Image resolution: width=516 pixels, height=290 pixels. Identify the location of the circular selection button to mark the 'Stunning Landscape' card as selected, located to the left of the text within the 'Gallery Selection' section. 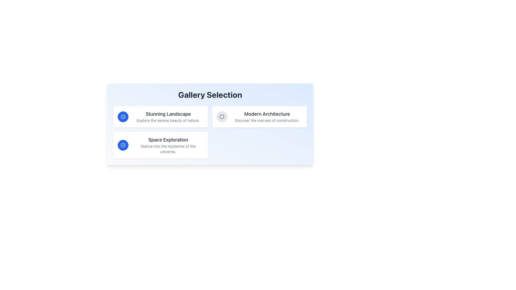
(123, 117).